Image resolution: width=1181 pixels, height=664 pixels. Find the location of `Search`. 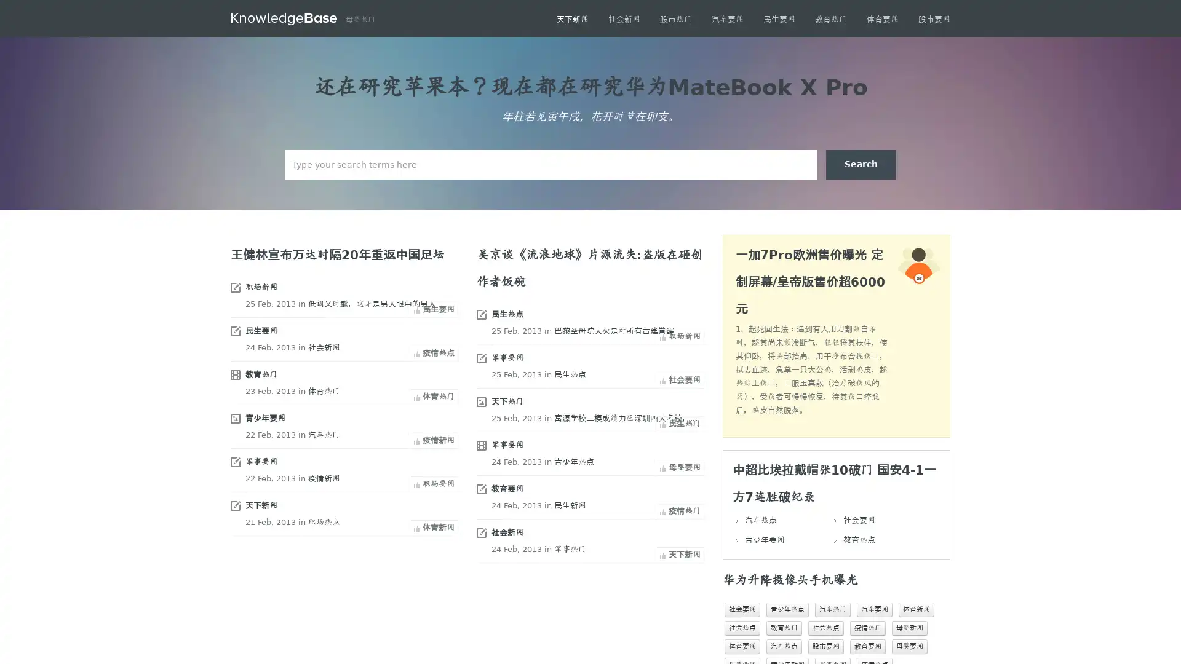

Search is located at coordinates (861, 164).